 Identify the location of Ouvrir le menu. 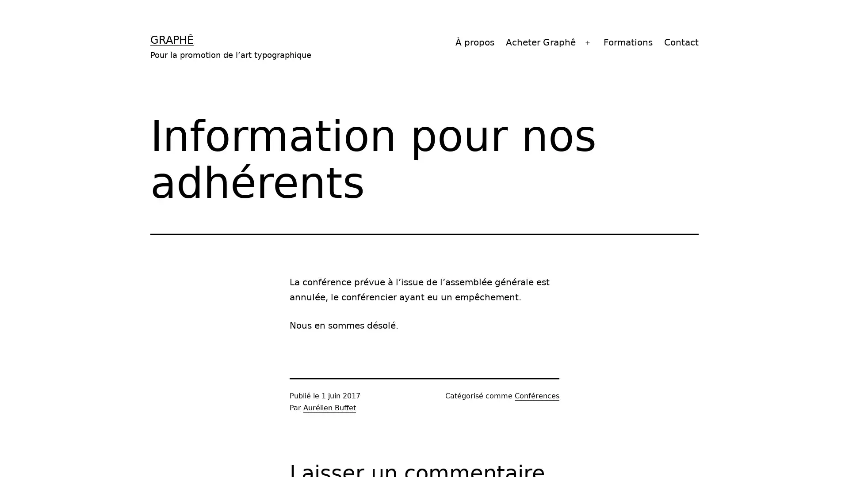
(588, 42).